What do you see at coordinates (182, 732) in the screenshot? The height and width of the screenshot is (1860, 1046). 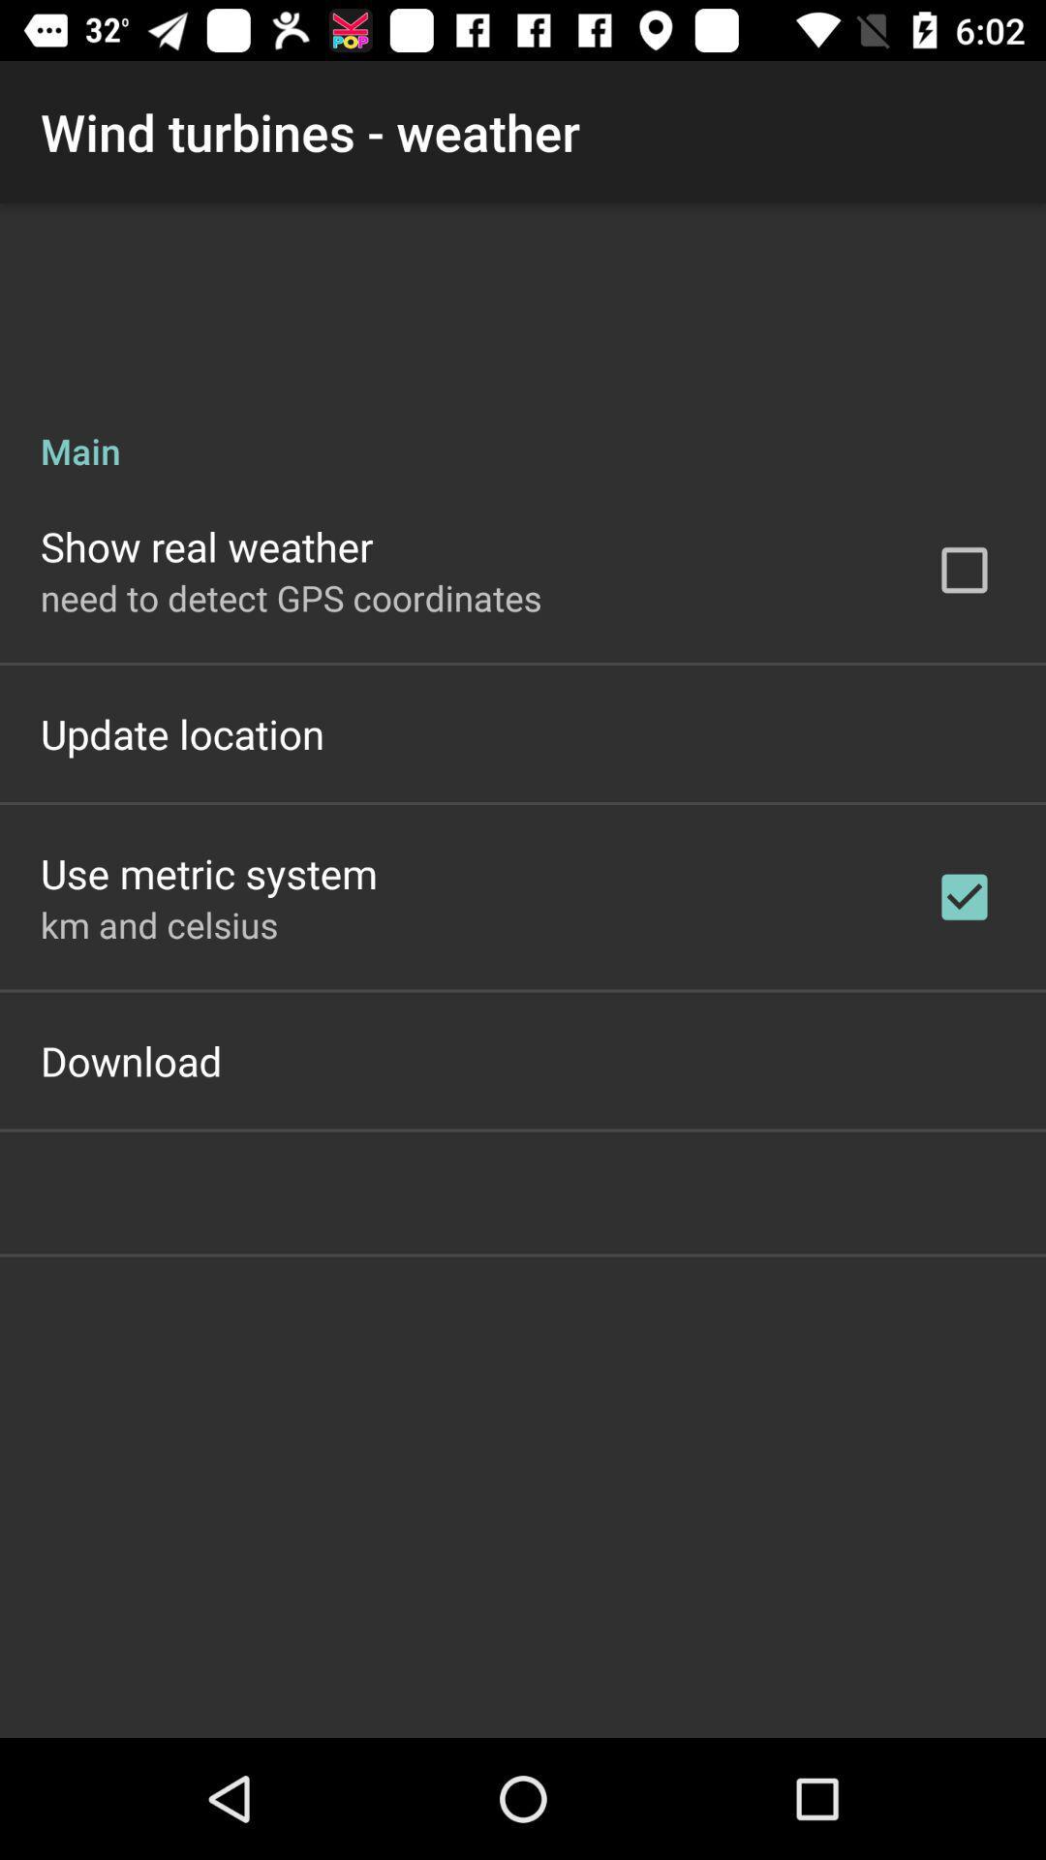 I see `the icon above the use metric system icon` at bounding box center [182, 732].